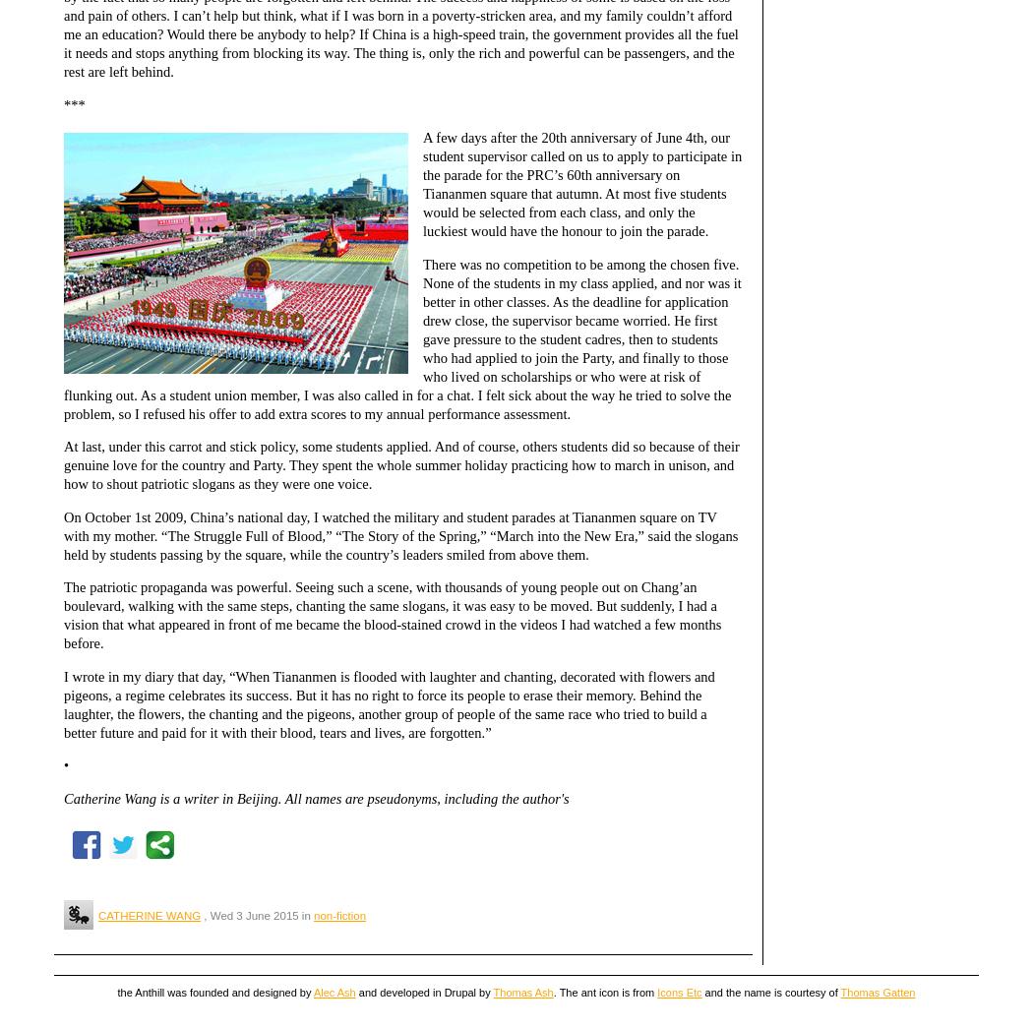  Describe the element at coordinates (391, 797) in the screenshot. I see `'are pseudonyms'` at that location.